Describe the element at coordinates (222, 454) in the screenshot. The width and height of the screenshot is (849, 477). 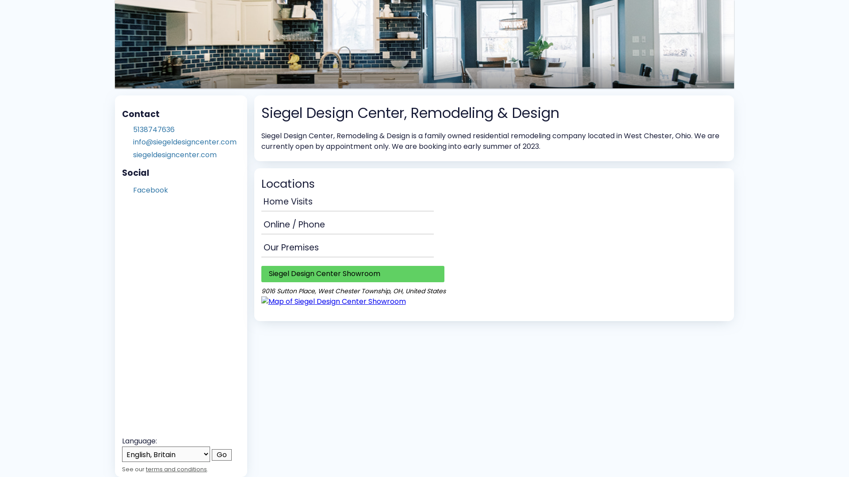
I see `'Go'` at that location.